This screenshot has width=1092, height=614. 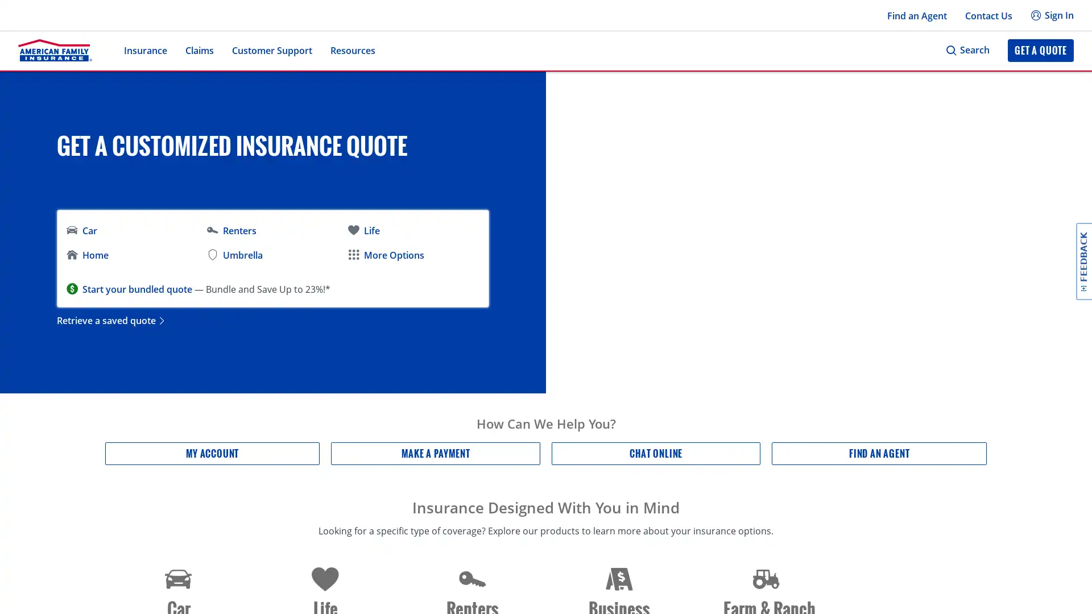 What do you see at coordinates (86, 255) in the screenshot?
I see `Home` at bounding box center [86, 255].